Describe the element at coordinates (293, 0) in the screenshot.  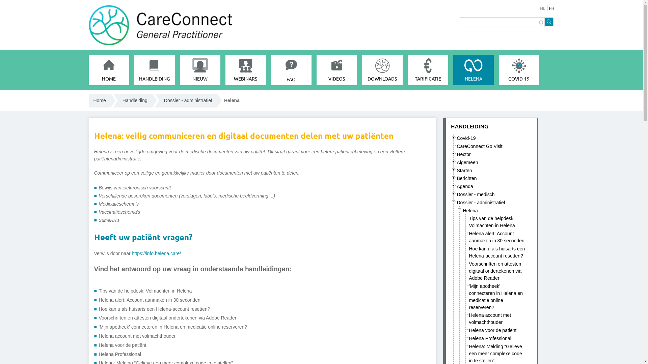
I see `'Skip to main content'` at that location.